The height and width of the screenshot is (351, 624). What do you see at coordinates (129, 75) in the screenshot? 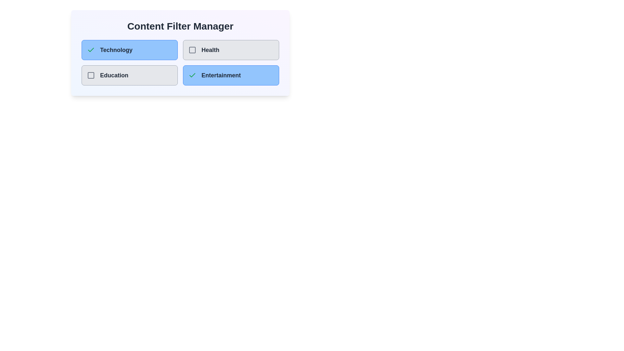
I see `the category named Education` at bounding box center [129, 75].